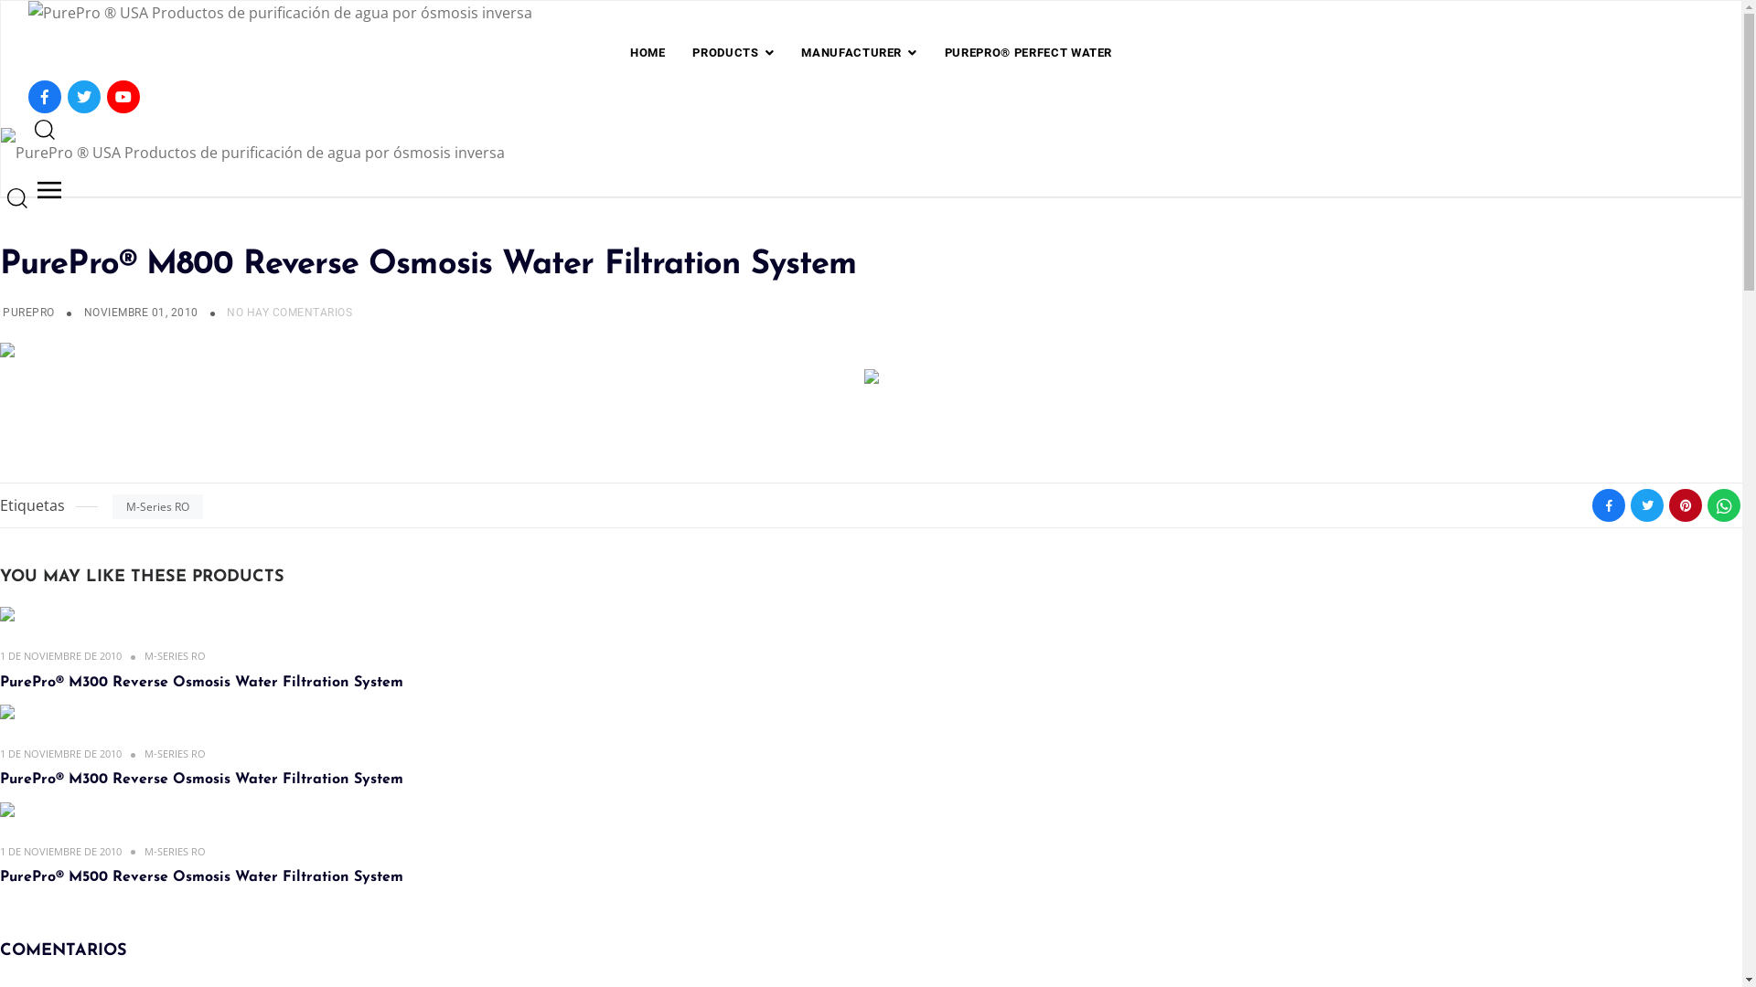 This screenshot has height=987, width=1756. I want to click on 'HOME', so click(616, 51).